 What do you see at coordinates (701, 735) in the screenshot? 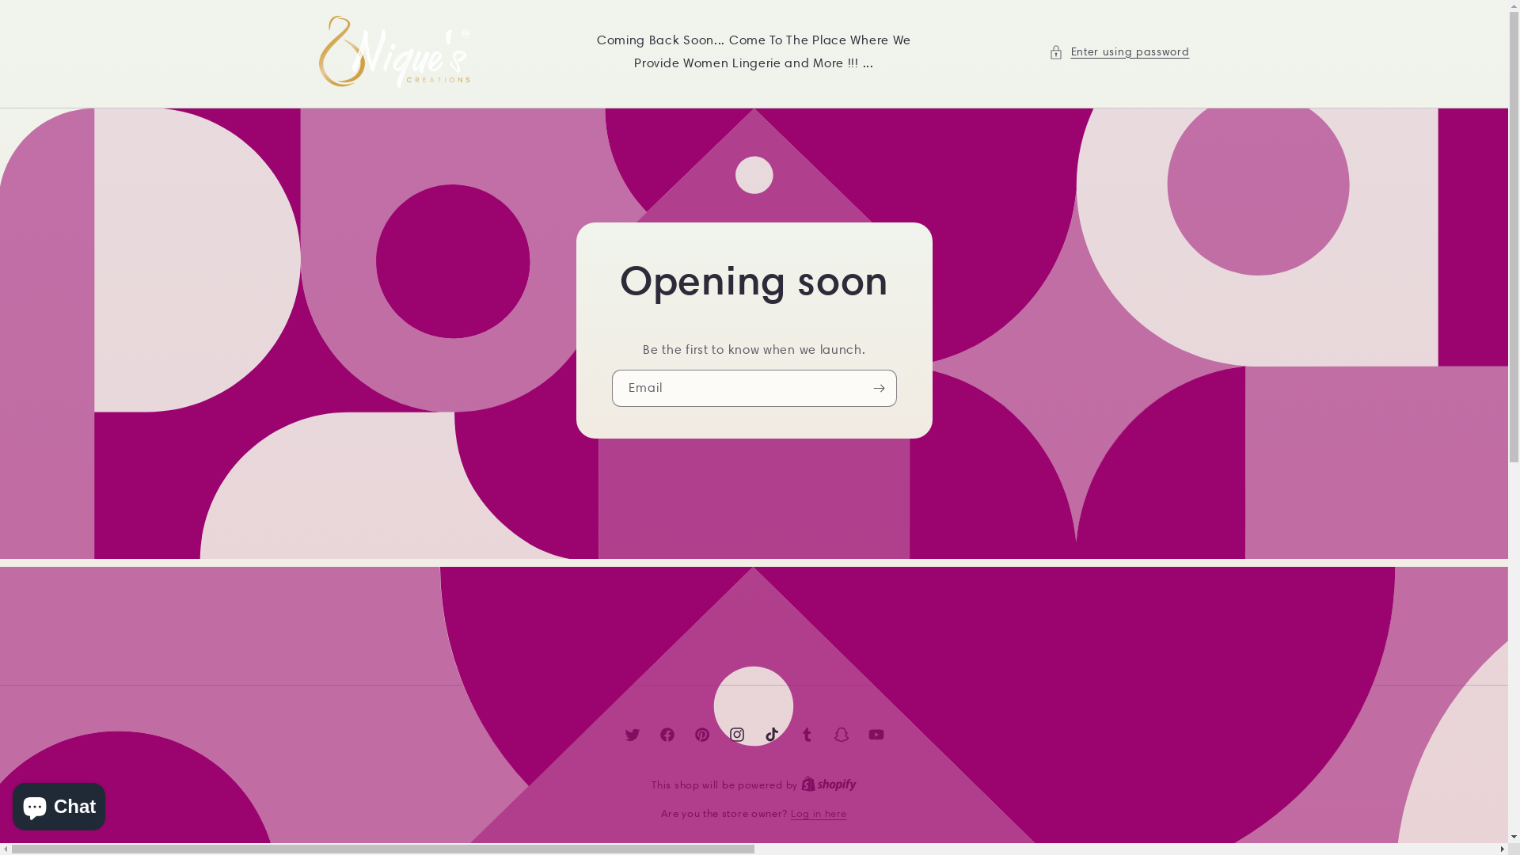
I see `'Pinterest'` at bounding box center [701, 735].